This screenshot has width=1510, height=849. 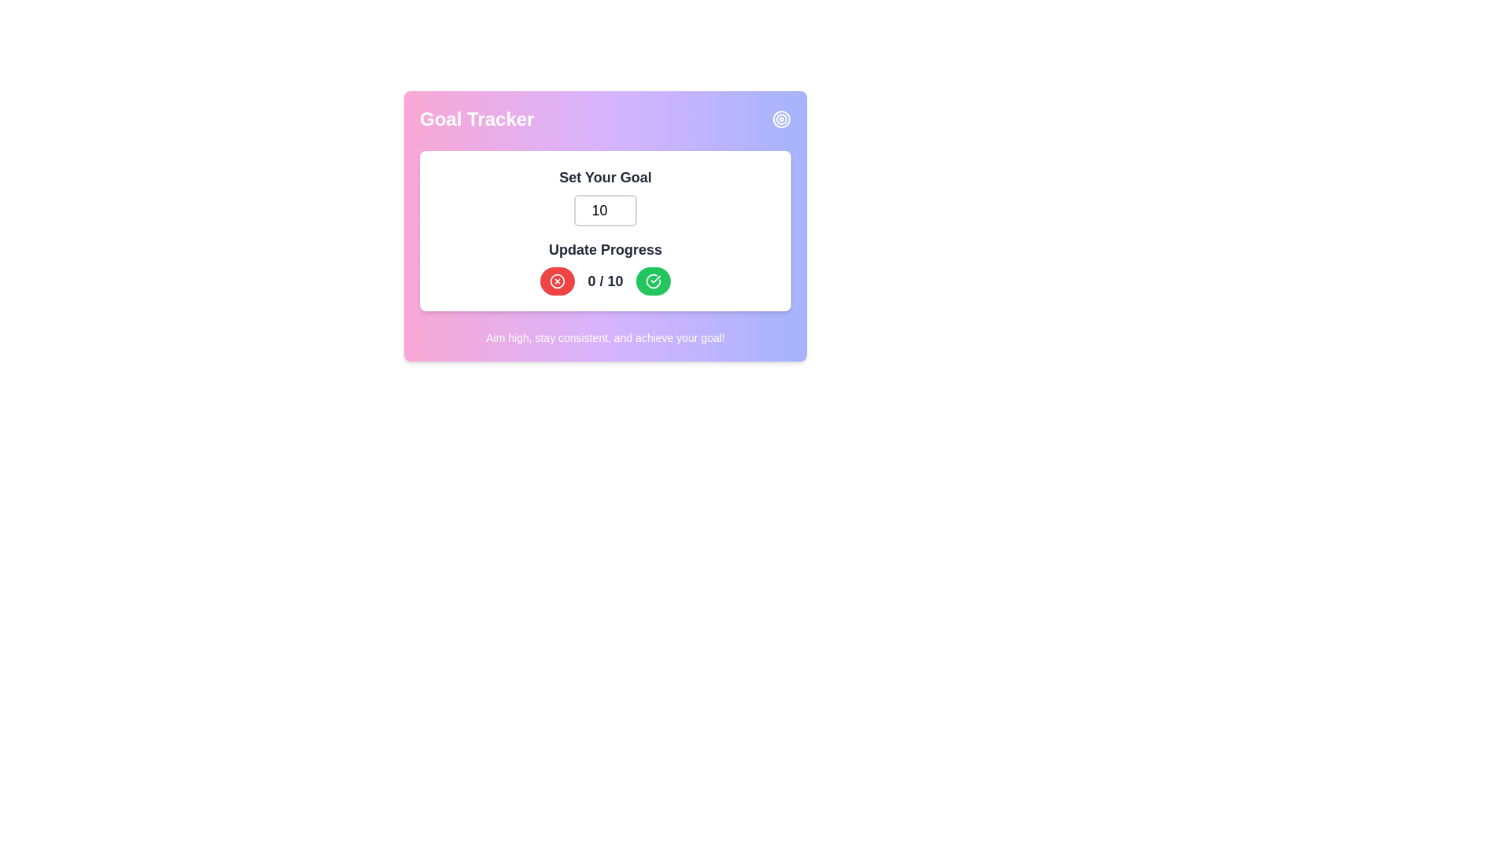 What do you see at coordinates (604, 281) in the screenshot?
I see `the text display showing '0 / 10' in the 'Update Progress' section, positioned between the decrease (red) and increase (green) buttons` at bounding box center [604, 281].